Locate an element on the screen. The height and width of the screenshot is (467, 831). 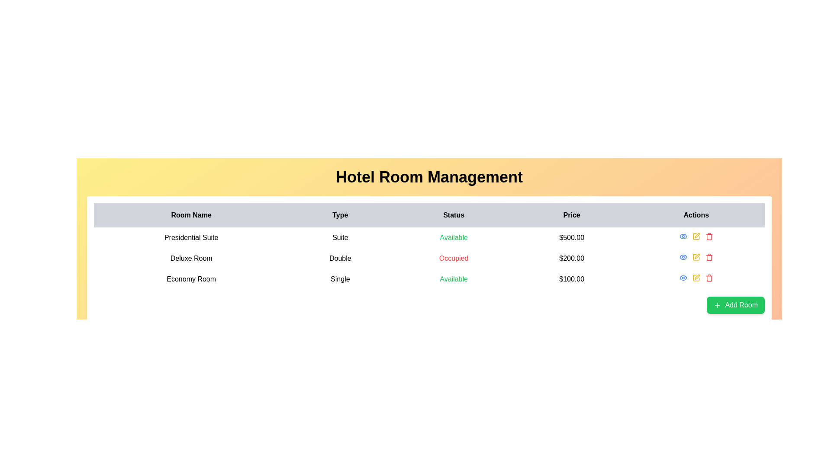
the graphical nature of the edit icon located in the action column of the second row in the table is located at coordinates (696, 237).